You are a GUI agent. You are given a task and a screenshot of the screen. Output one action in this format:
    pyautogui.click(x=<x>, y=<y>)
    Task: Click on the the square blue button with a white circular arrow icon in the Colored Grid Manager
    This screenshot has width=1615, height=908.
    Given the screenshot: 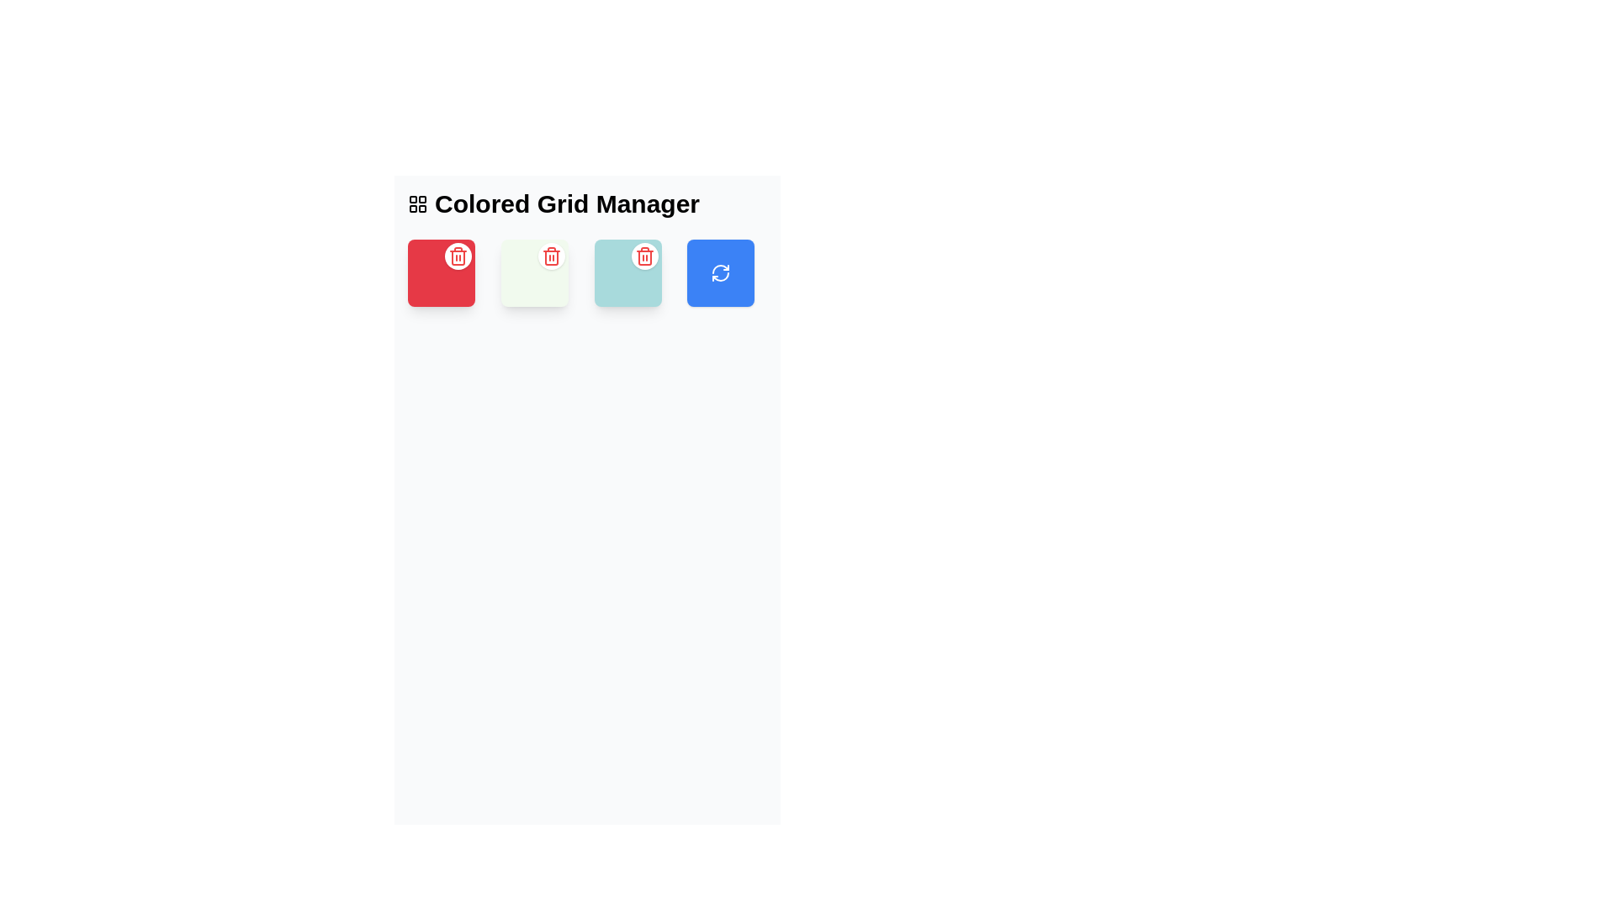 What is the action you would take?
    pyautogui.click(x=721, y=272)
    